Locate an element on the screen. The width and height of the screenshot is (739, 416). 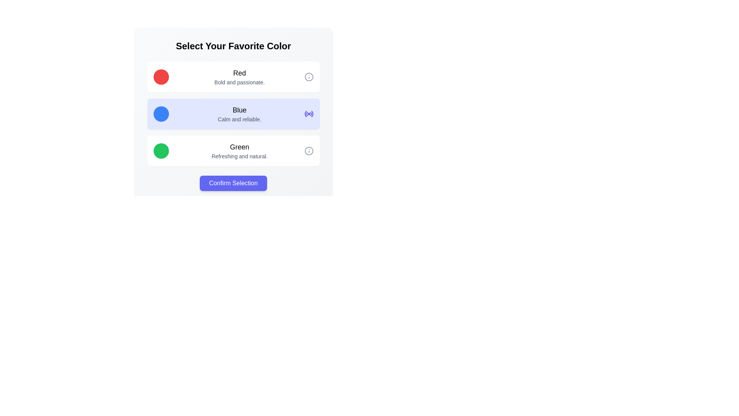
the text label that reads 'Refreshing and natural.' located below the title 'Green' in the selectable option group labeled 'Green' is located at coordinates (239, 156).